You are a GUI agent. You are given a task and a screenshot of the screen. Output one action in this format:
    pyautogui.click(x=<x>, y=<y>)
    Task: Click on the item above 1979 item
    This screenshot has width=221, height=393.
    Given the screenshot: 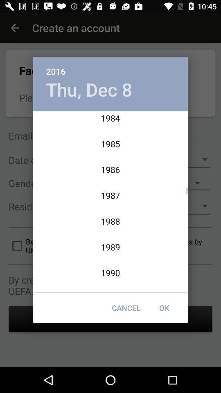 What is the action you would take?
    pyautogui.click(x=88, y=89)
    